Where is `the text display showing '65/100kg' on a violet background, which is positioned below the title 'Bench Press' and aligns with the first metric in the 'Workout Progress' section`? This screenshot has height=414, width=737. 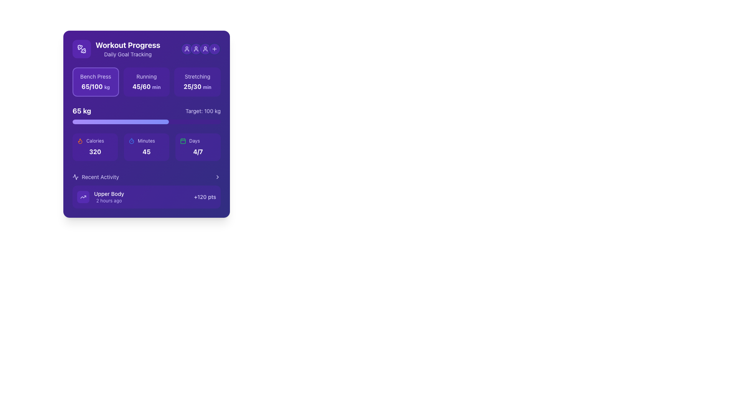 the text display showing '65/100kg' on a violet background, which is positioned below the title 'Bench Press' and aligns with the first metric in the 'Workout Progress' section is located at coordinates (95, 86).